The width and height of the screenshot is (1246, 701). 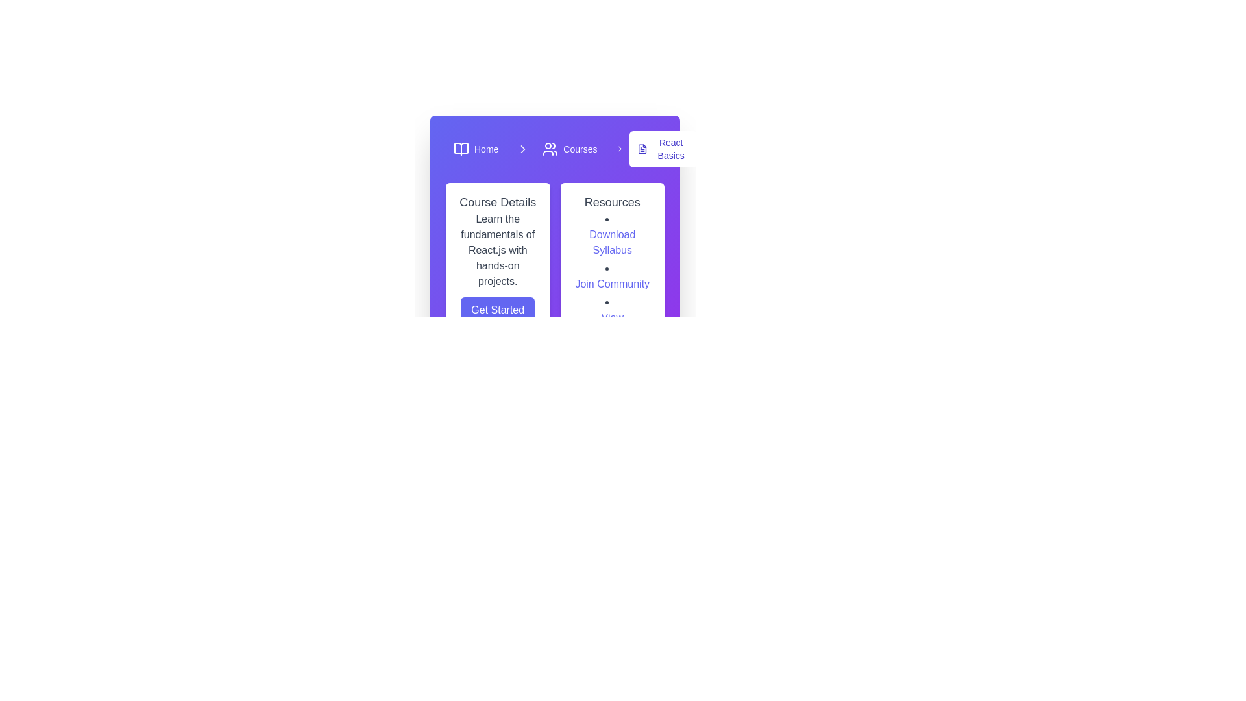 What do you see at coordinates (461, 149) in the screenshot?
I see `the 'Home' navigation icon located on the top-left corner of the layout` at bounding box center [461, 149].